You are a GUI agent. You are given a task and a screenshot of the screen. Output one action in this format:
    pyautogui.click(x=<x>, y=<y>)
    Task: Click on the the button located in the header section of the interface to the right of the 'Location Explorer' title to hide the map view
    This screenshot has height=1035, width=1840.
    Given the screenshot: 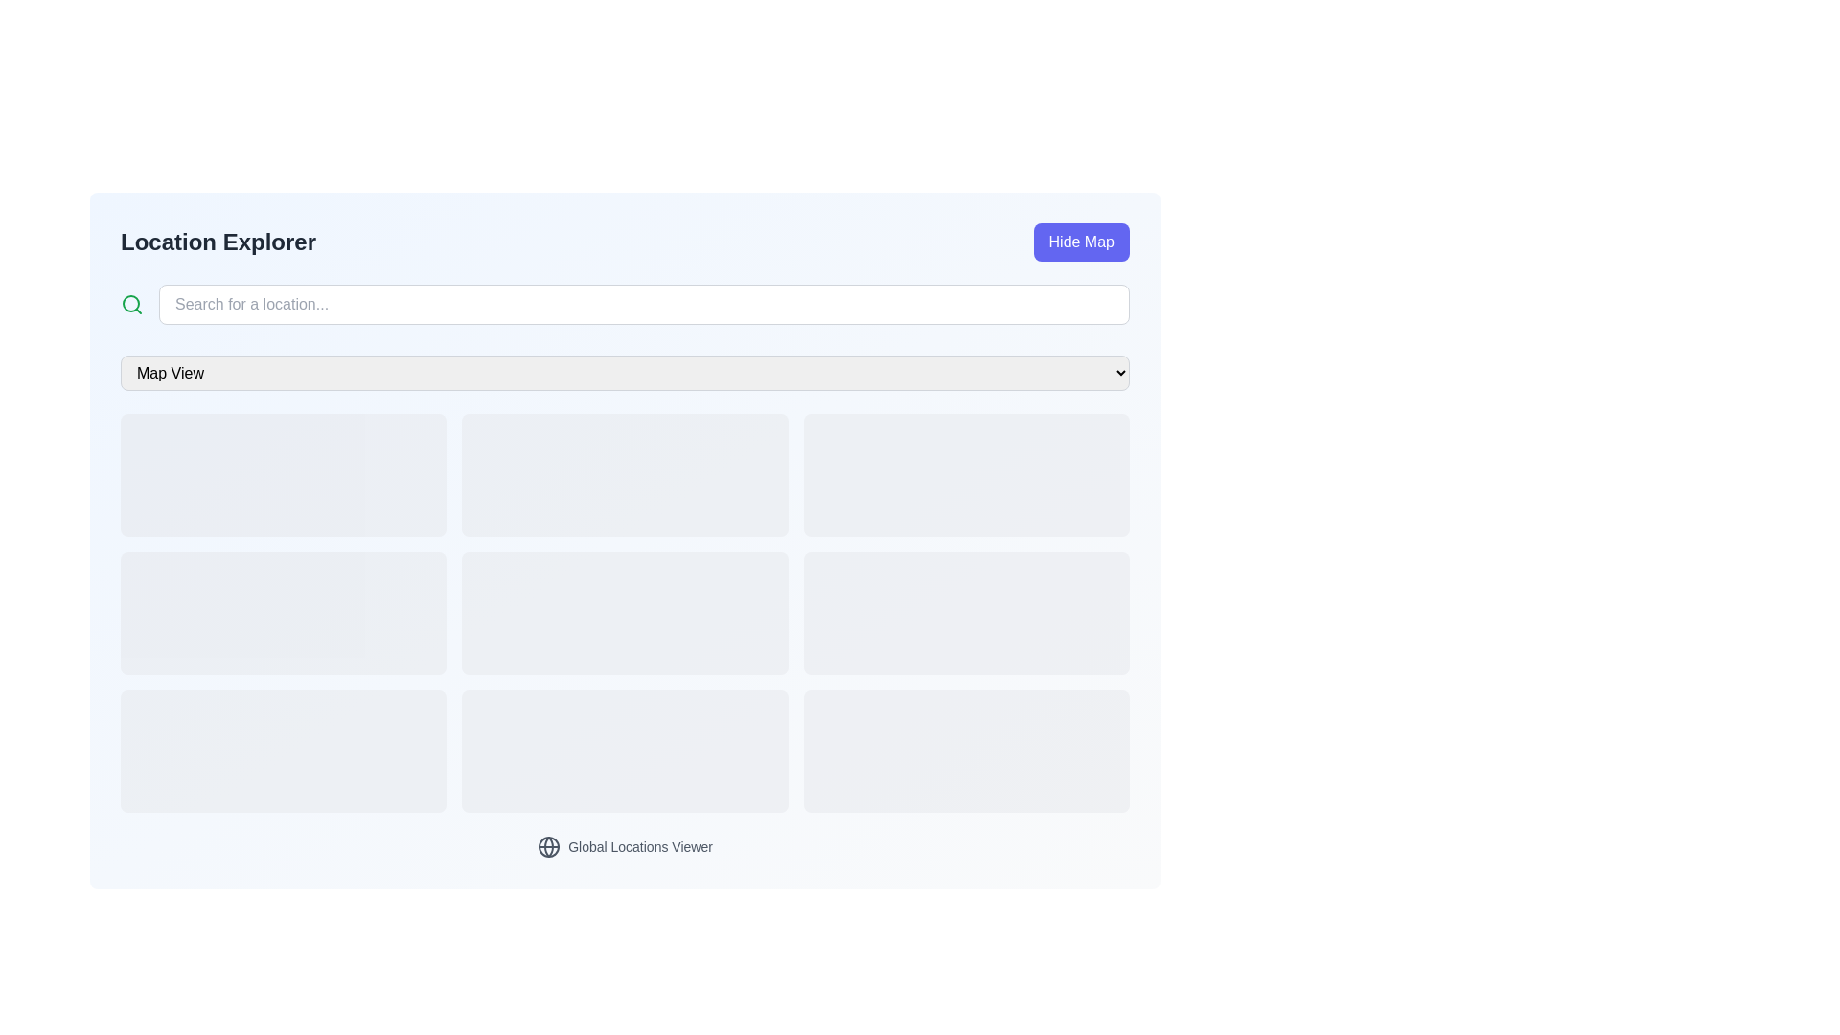 What is the action you would take?
    pyautogui.click(x=1081, y=241)
    